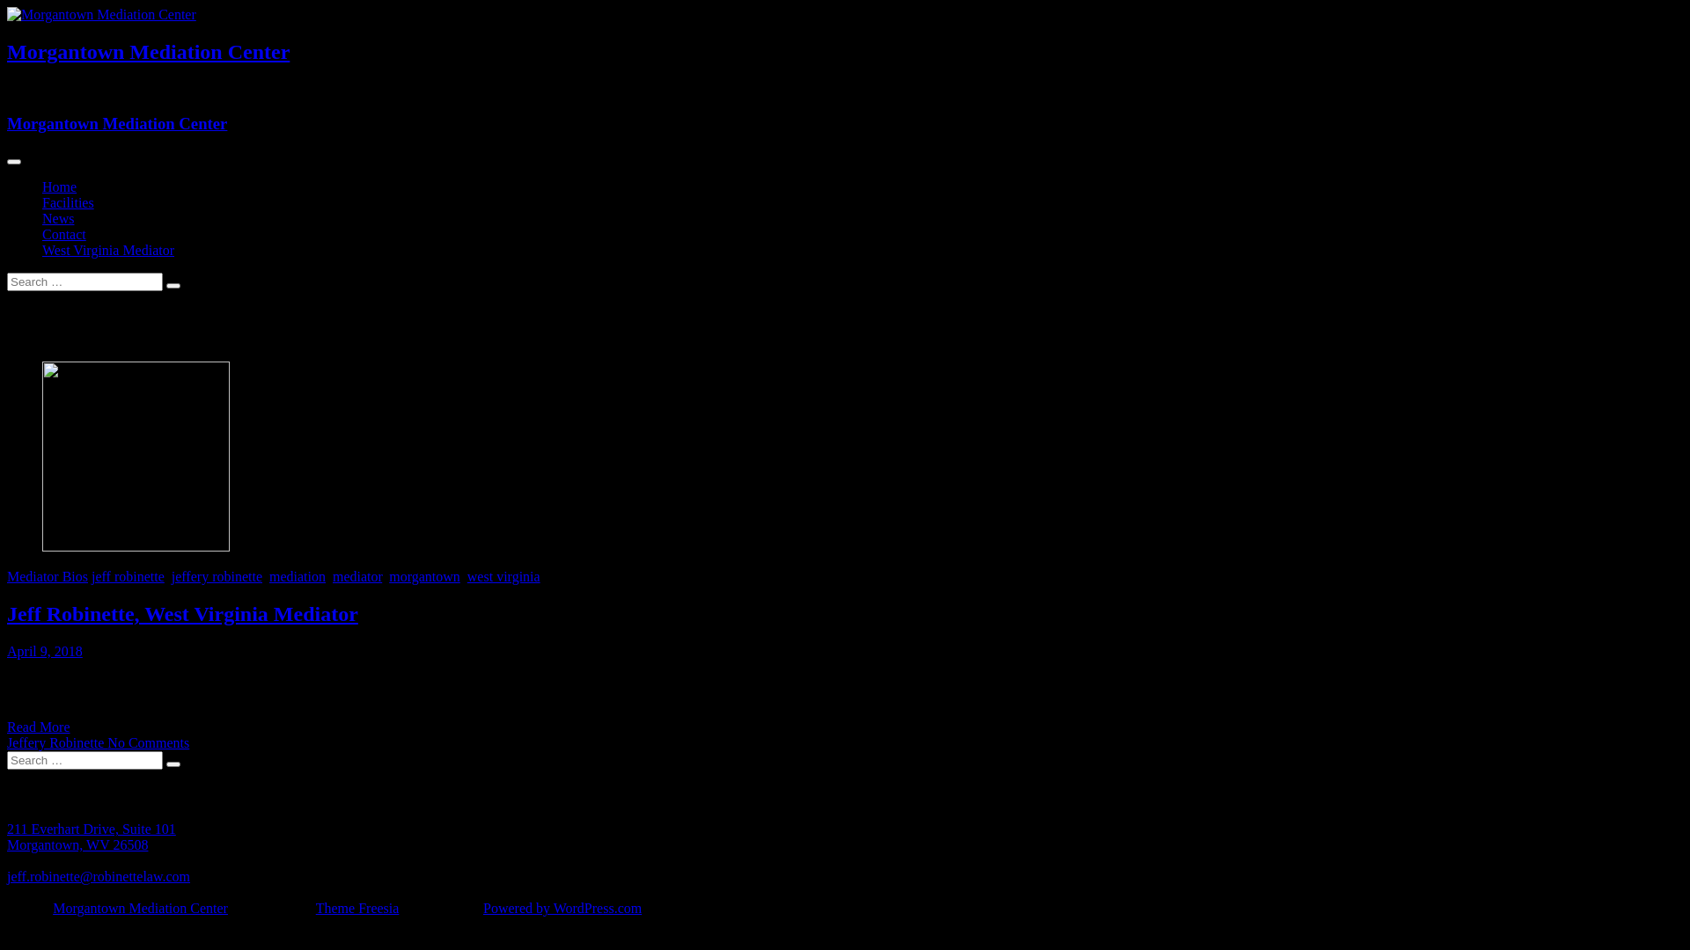  I want to click on 'West Virginia Mediator', so click(107, 250).